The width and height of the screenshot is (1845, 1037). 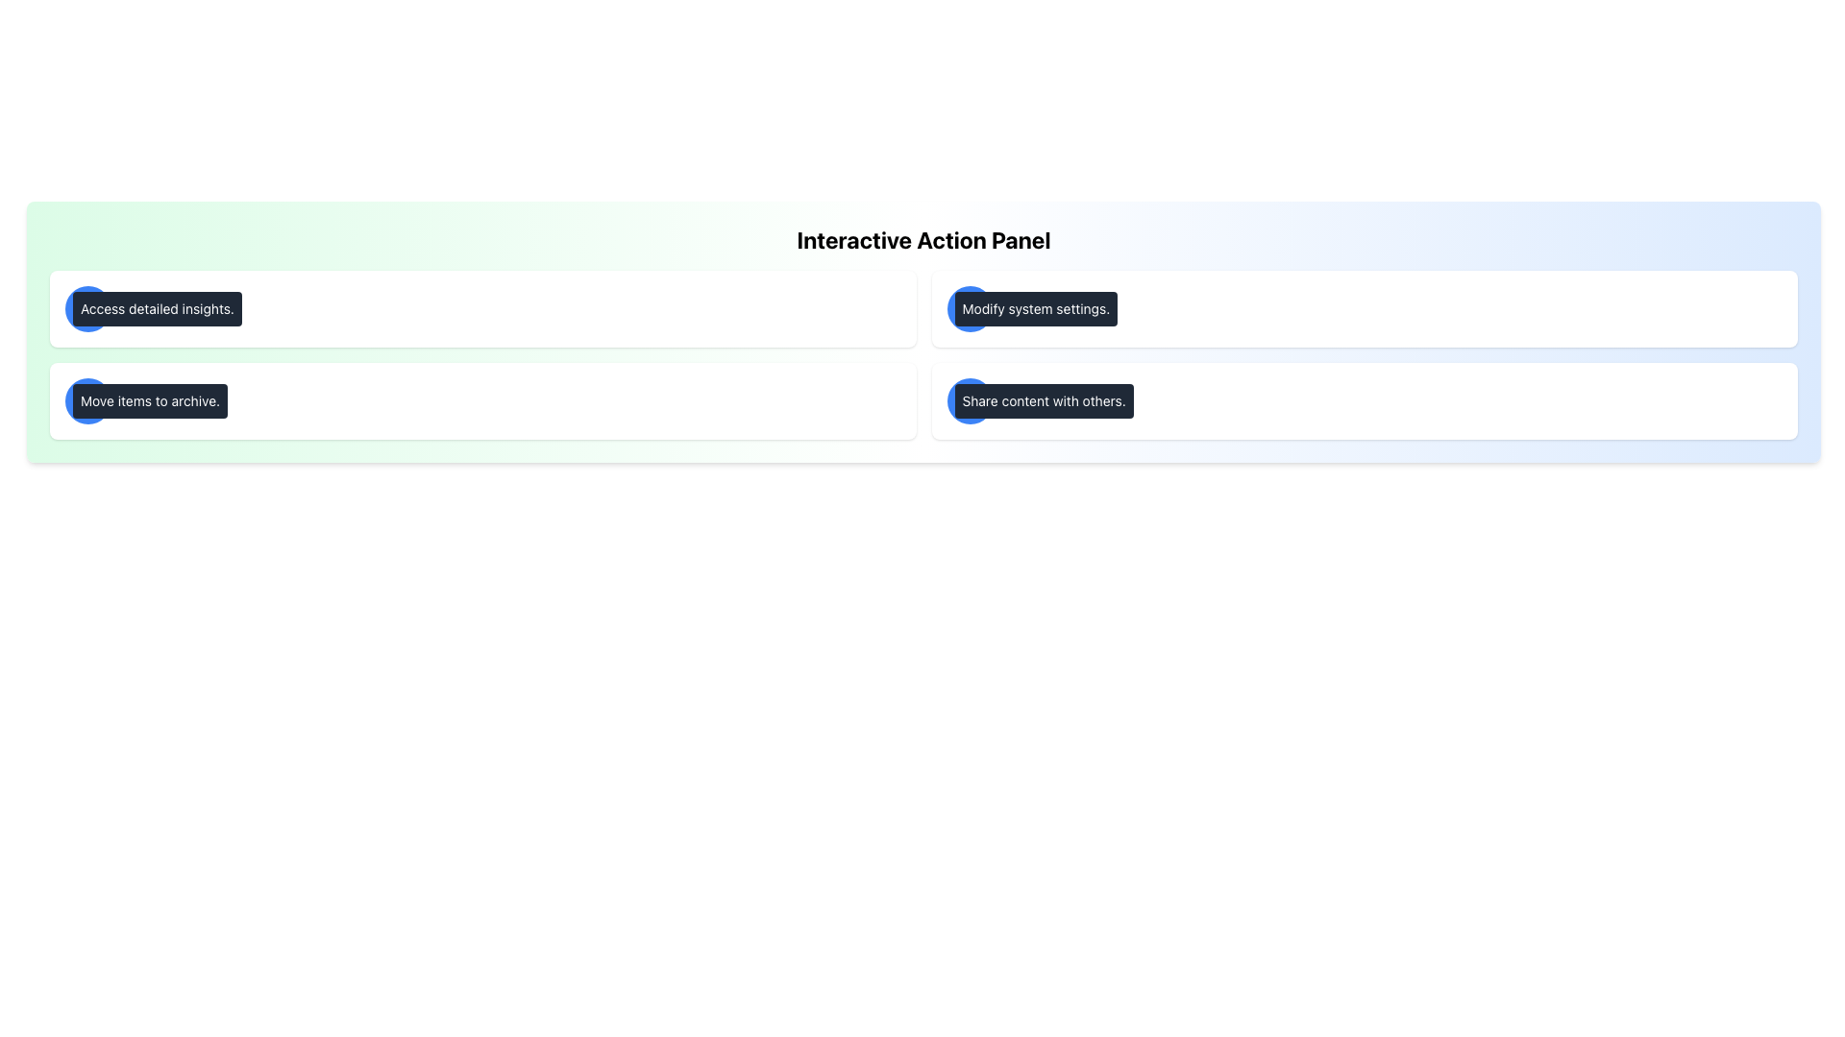 What do you see at coordinates (970, 405) in the screenshot?
I see `the share icon located in the bottom-right section of the 'Interactive Action Panel', under the 'Share content with others' button` at bounding box center [970, 405].